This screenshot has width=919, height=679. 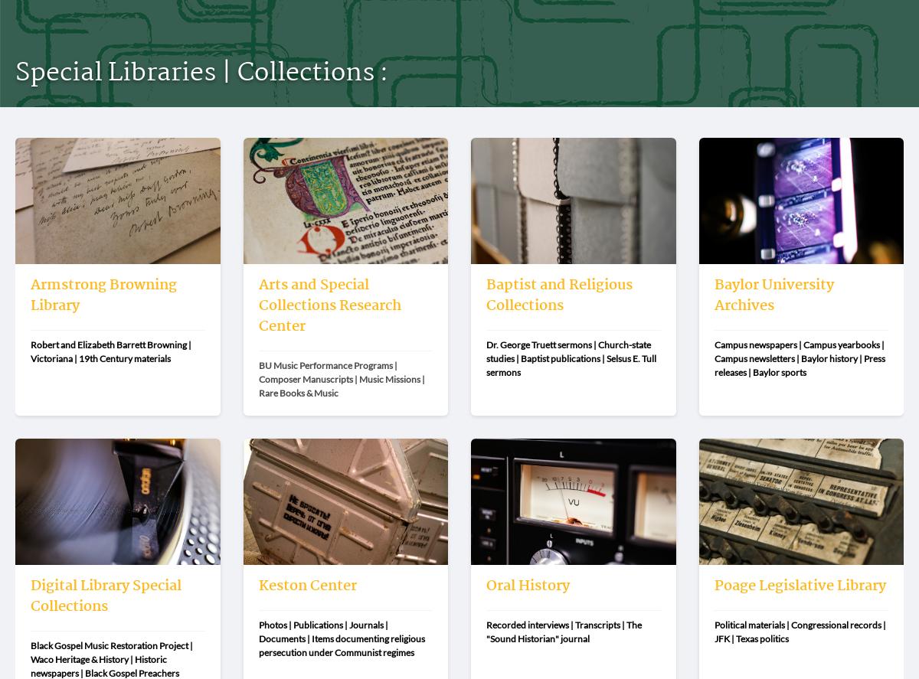 I want to click on 'Robert and Elizabeth Barrett Browning | Victoriana | 19th Century materials', so click(x=112, y=350).